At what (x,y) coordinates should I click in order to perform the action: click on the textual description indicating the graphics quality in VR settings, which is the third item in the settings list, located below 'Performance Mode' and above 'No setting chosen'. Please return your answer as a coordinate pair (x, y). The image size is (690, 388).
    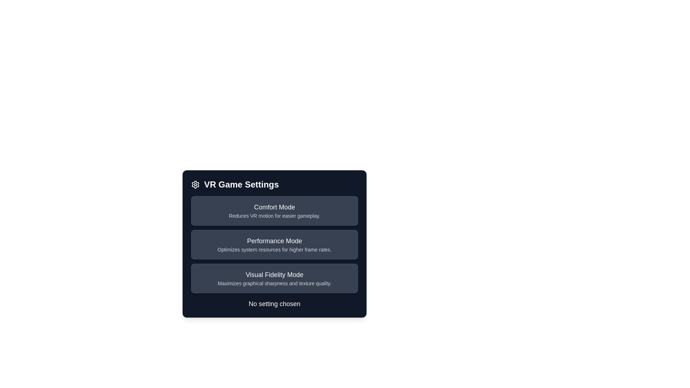
    Looking at the image, I should click on (274, 278).